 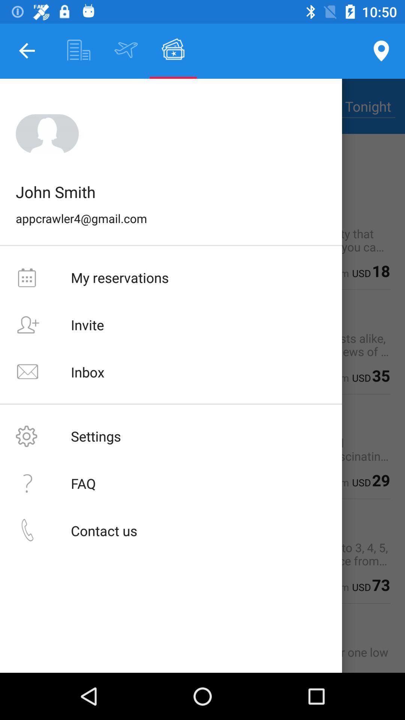 What do you see at coordinates (173, 49) in the screenshot?
I see `icon left to location icon at the top` at bounding box center [173, 49].